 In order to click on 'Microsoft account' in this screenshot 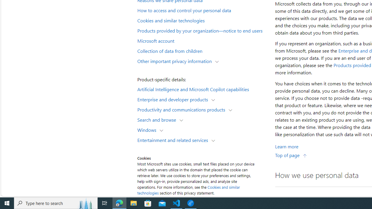, I will do `click(202, 40)`.